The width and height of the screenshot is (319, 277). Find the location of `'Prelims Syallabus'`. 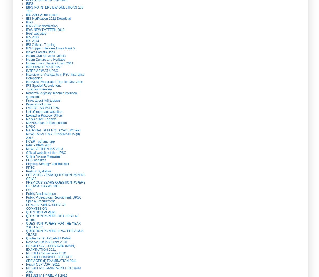

'Prelims Syallabus' is located at coordinates (38, 171).